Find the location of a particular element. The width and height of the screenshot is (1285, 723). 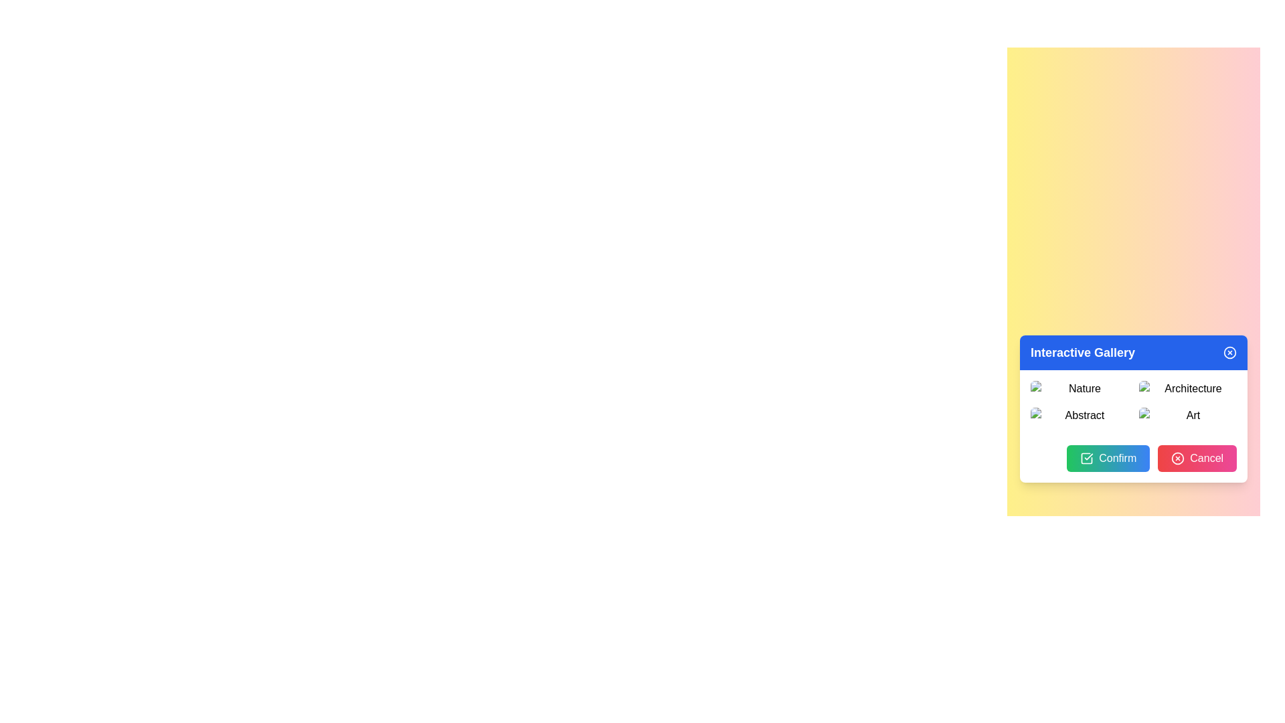

the 'Abstract' Selectable Grid Item in the 'Interactive Gallery' section is located at coordinates (1079, 415).